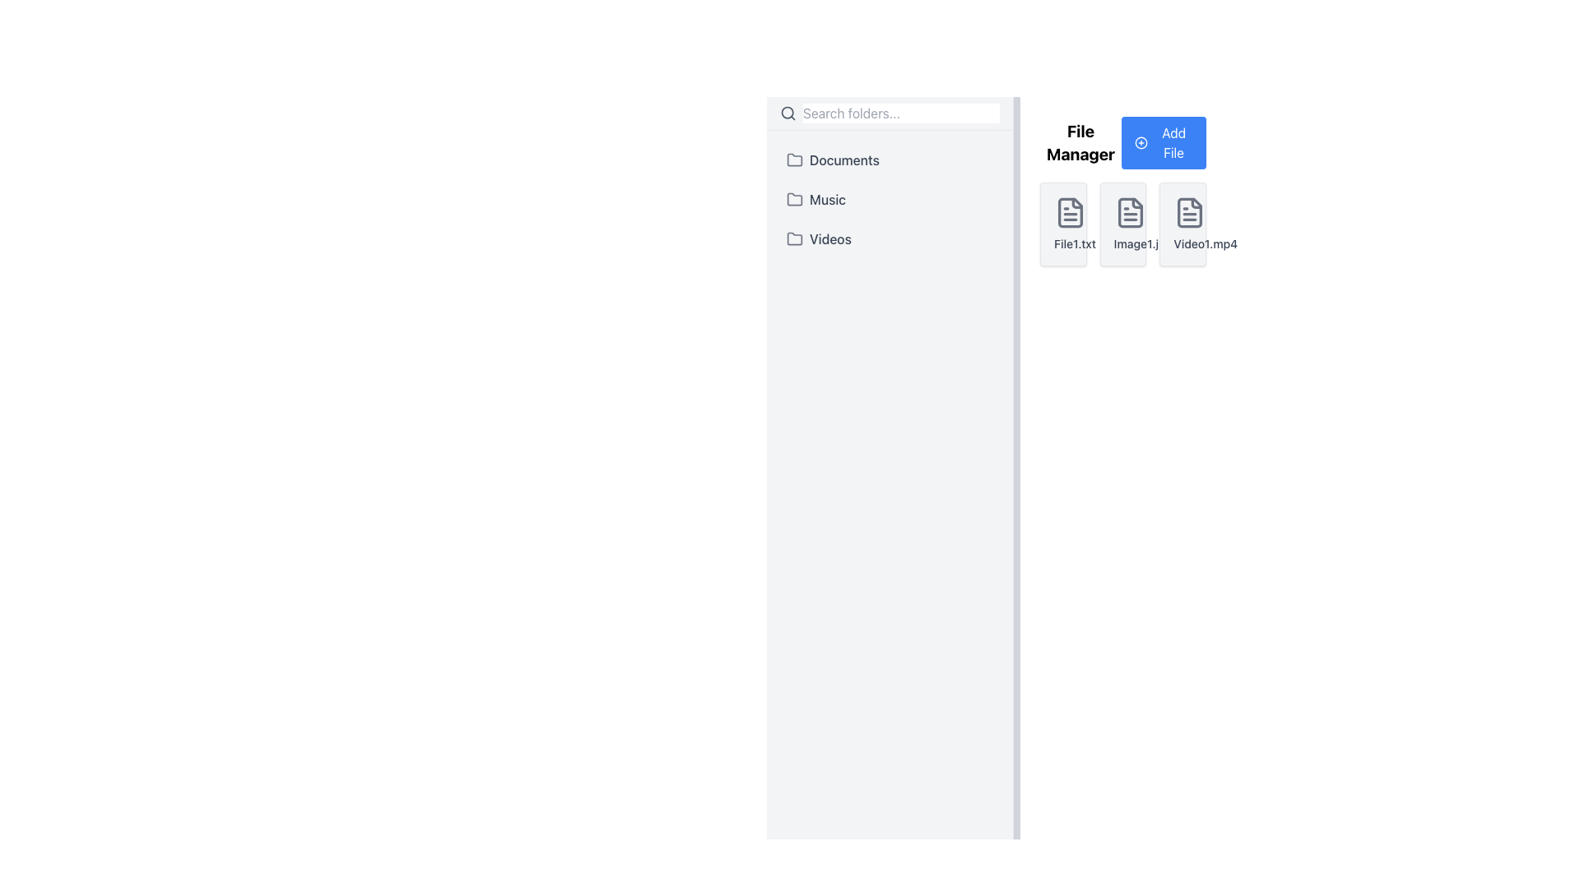  I want to click on the 'Videos' folder label in the sidebar navigation, so click(830, 238).